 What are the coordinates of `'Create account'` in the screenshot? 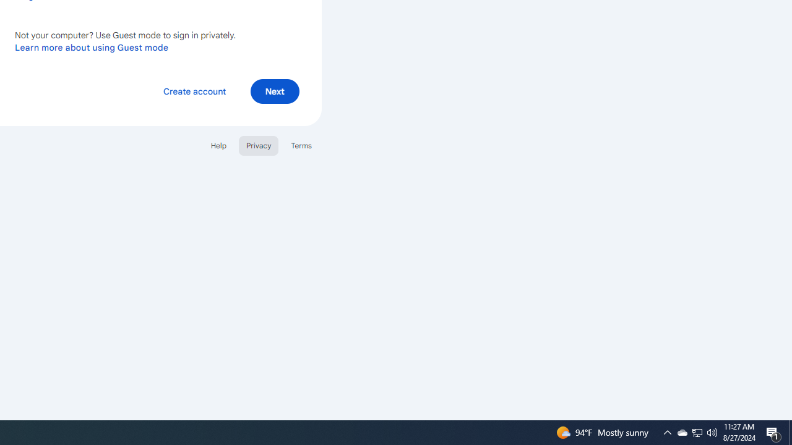 It's located at (194, 90).